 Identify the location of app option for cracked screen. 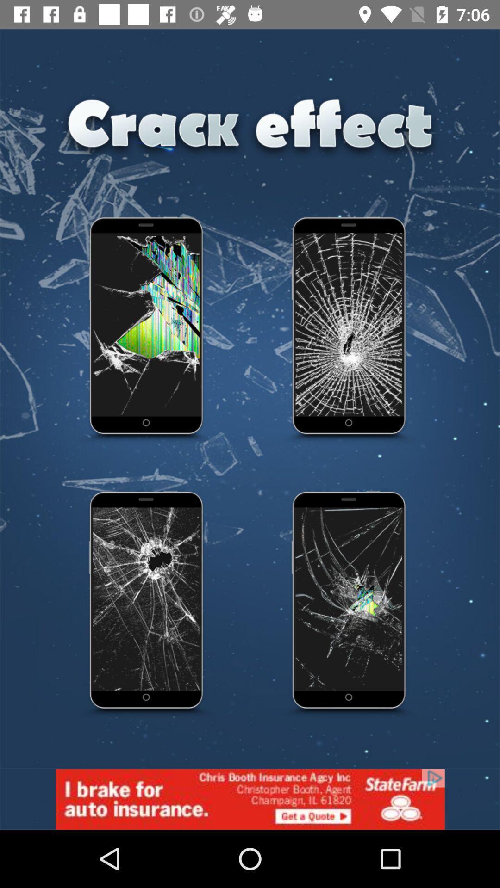
(146, 331).